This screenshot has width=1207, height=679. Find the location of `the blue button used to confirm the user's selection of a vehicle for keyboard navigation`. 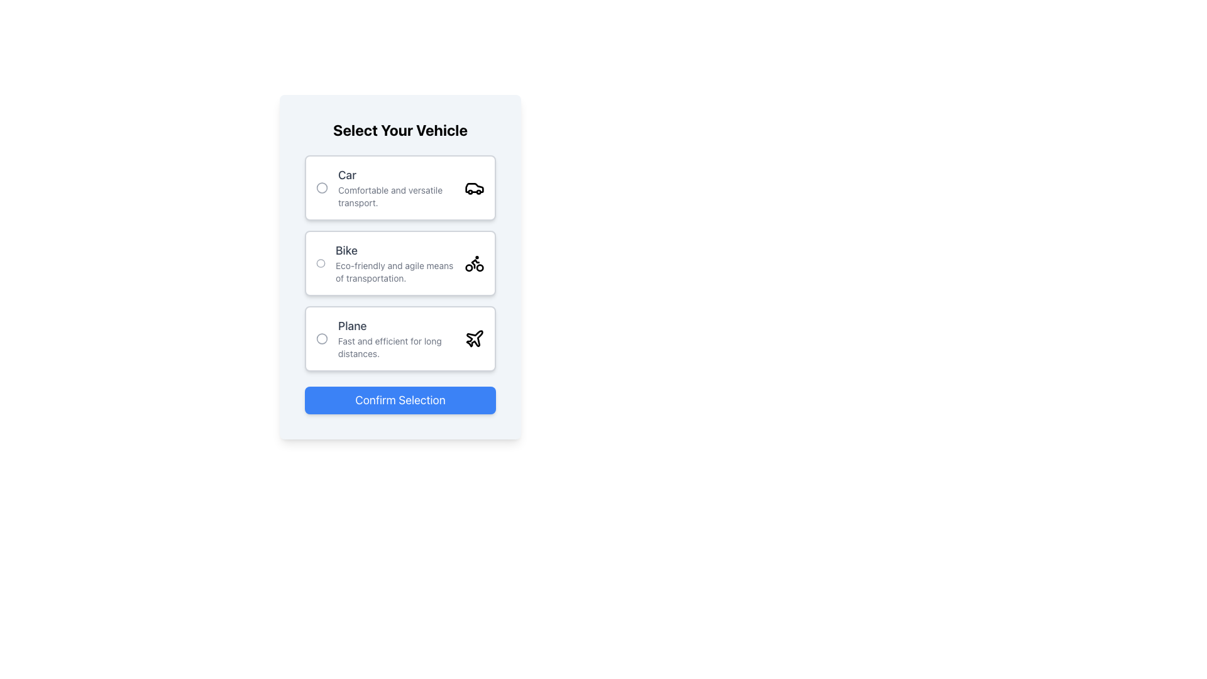

the blue button used to confirm the user's selection of a vehicle for keyboard navigation is located at coordinates (400, 400).